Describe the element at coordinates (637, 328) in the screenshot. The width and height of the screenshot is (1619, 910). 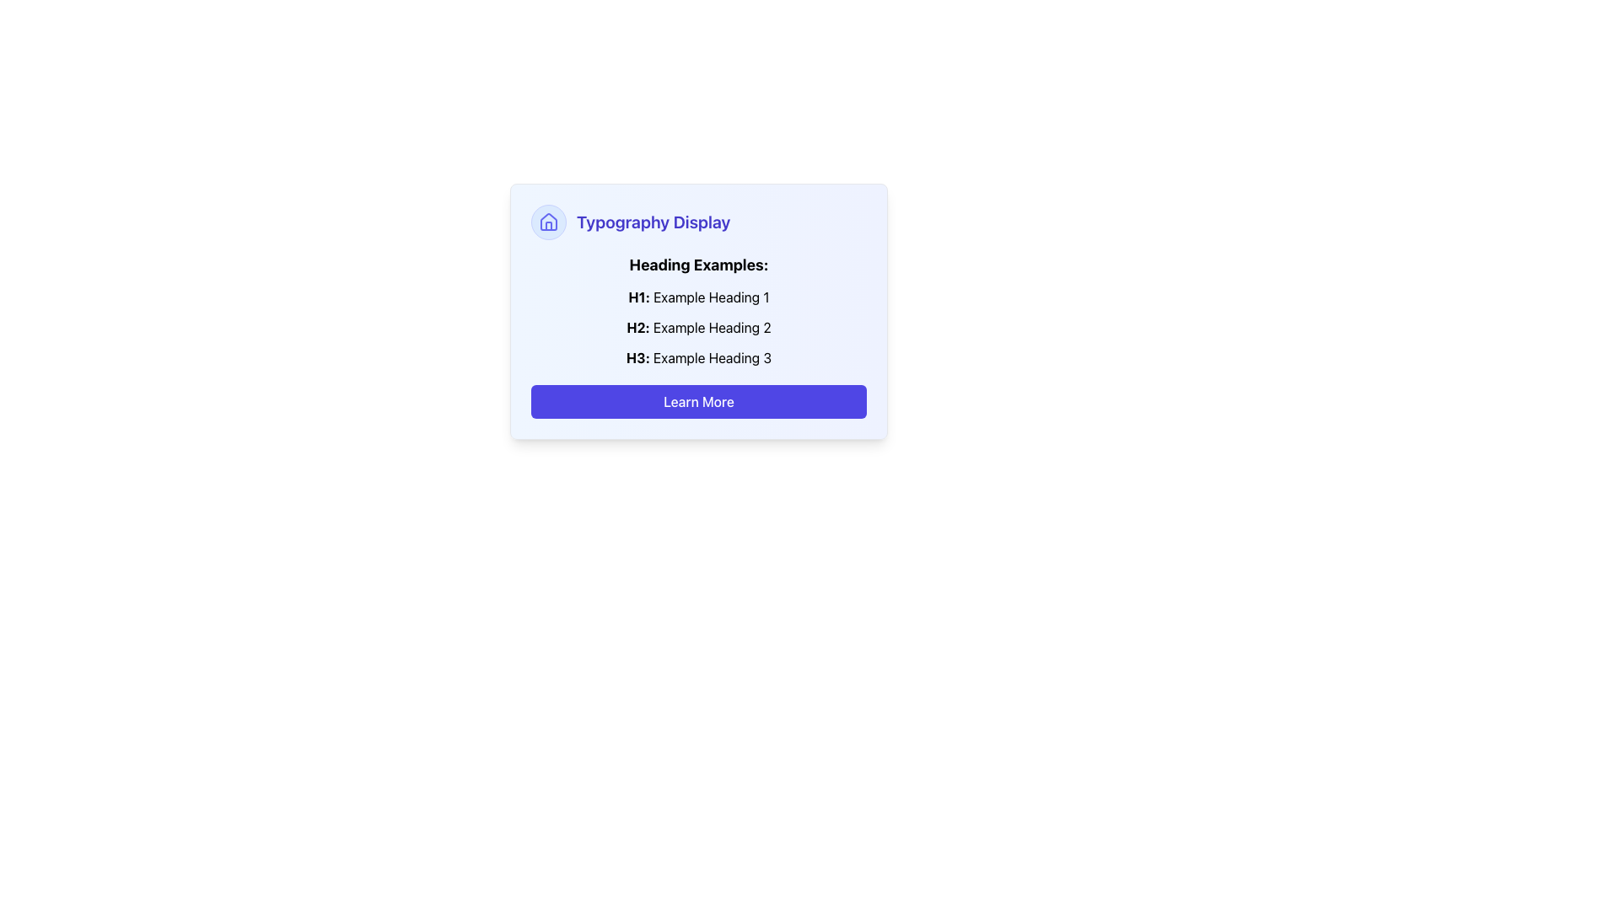
I see `the static bold text element that serves as a decorative and semantic label for the second heading example in the typography demonstration` at that location.